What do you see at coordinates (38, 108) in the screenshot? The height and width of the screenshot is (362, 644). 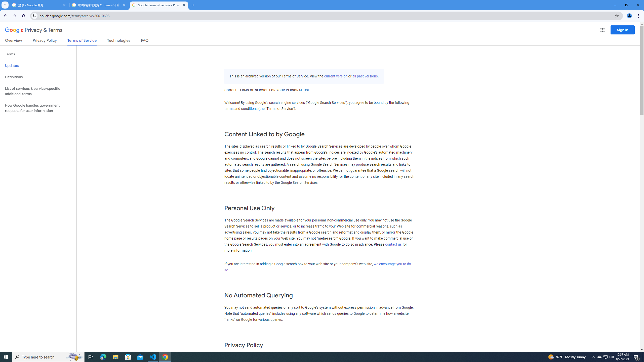 I see `'How Google handles government requests for user information'` at bounding box center [38, 108].